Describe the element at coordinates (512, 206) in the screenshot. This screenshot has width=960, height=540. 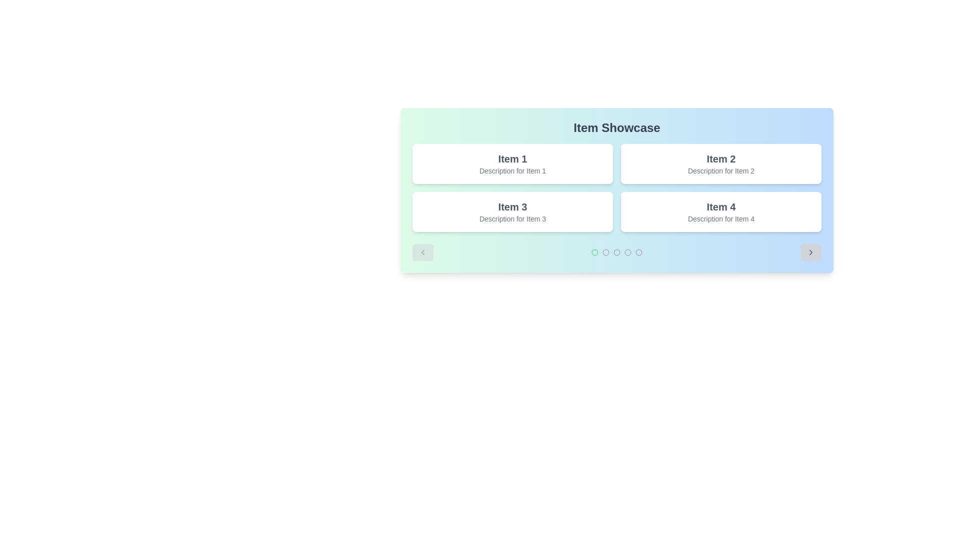
I see `the 'Item 3' text label, which is styled in bold serif font and located in the bottom-left section of a panel within a 2x2 grid of similar elements` at that location.